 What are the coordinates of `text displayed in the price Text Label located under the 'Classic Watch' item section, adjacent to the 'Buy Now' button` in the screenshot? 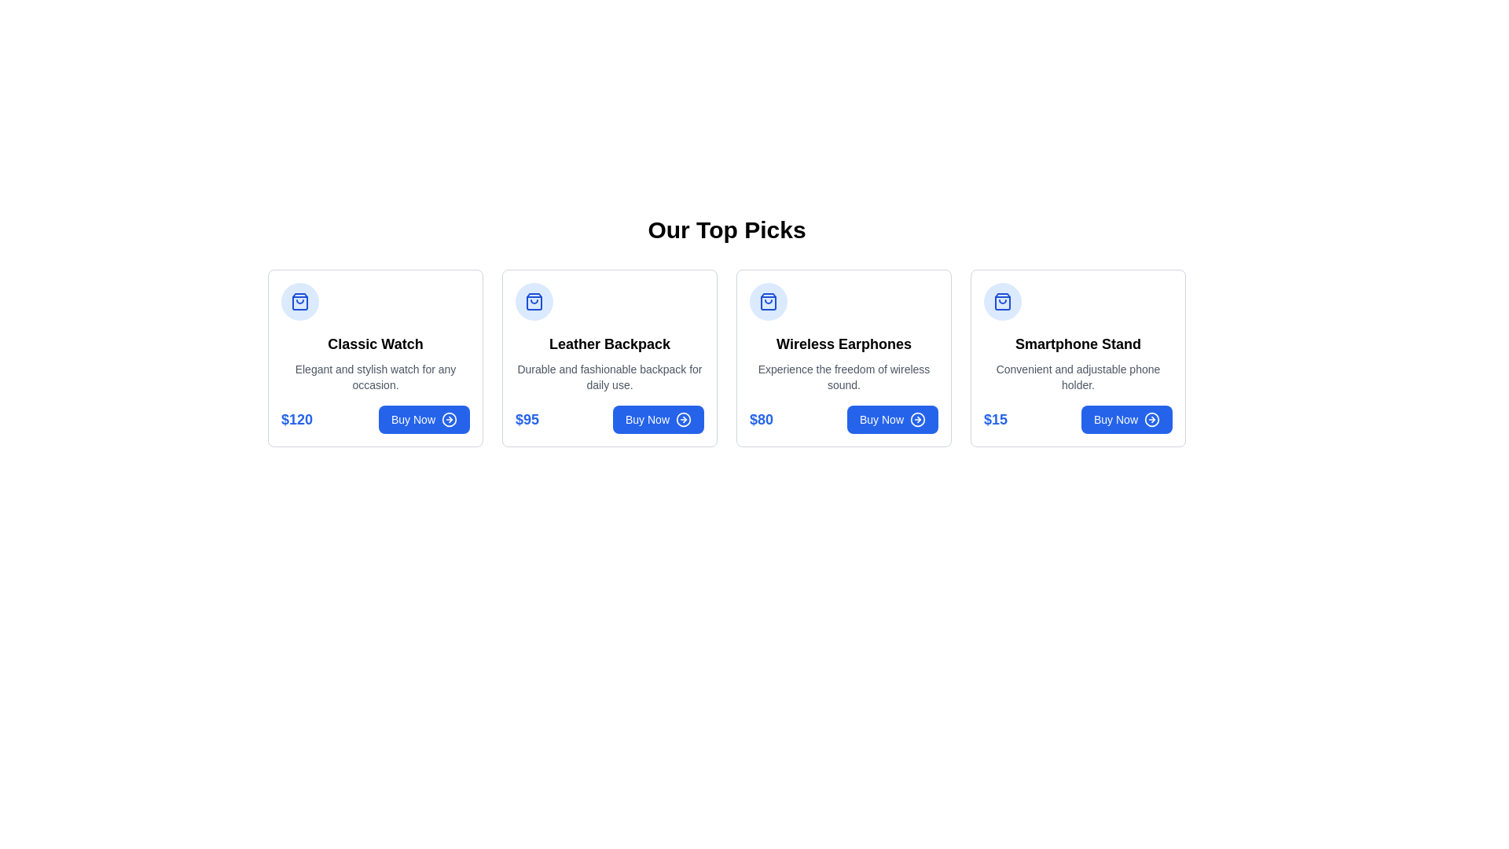 It's located at (297, 418).